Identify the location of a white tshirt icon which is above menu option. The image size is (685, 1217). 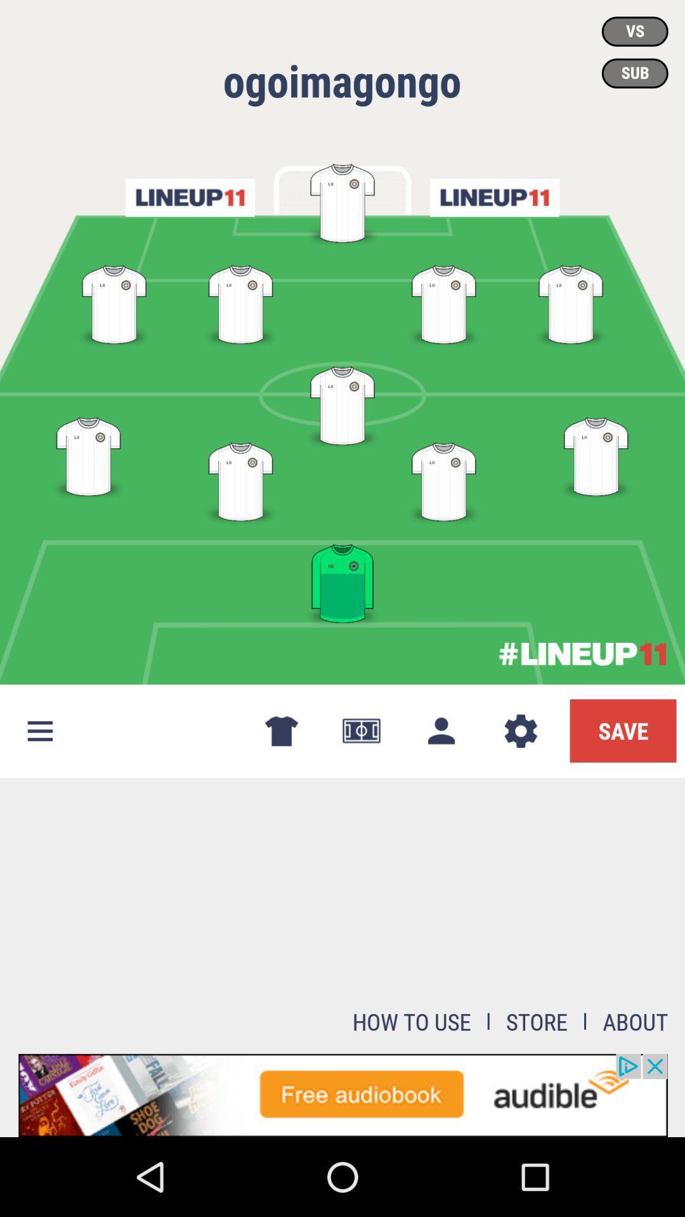
(88, 454).